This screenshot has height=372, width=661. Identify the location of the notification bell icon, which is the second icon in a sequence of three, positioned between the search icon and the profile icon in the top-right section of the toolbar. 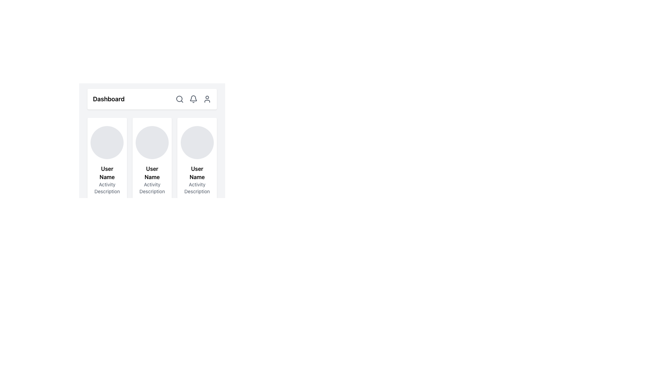
(193, 99).